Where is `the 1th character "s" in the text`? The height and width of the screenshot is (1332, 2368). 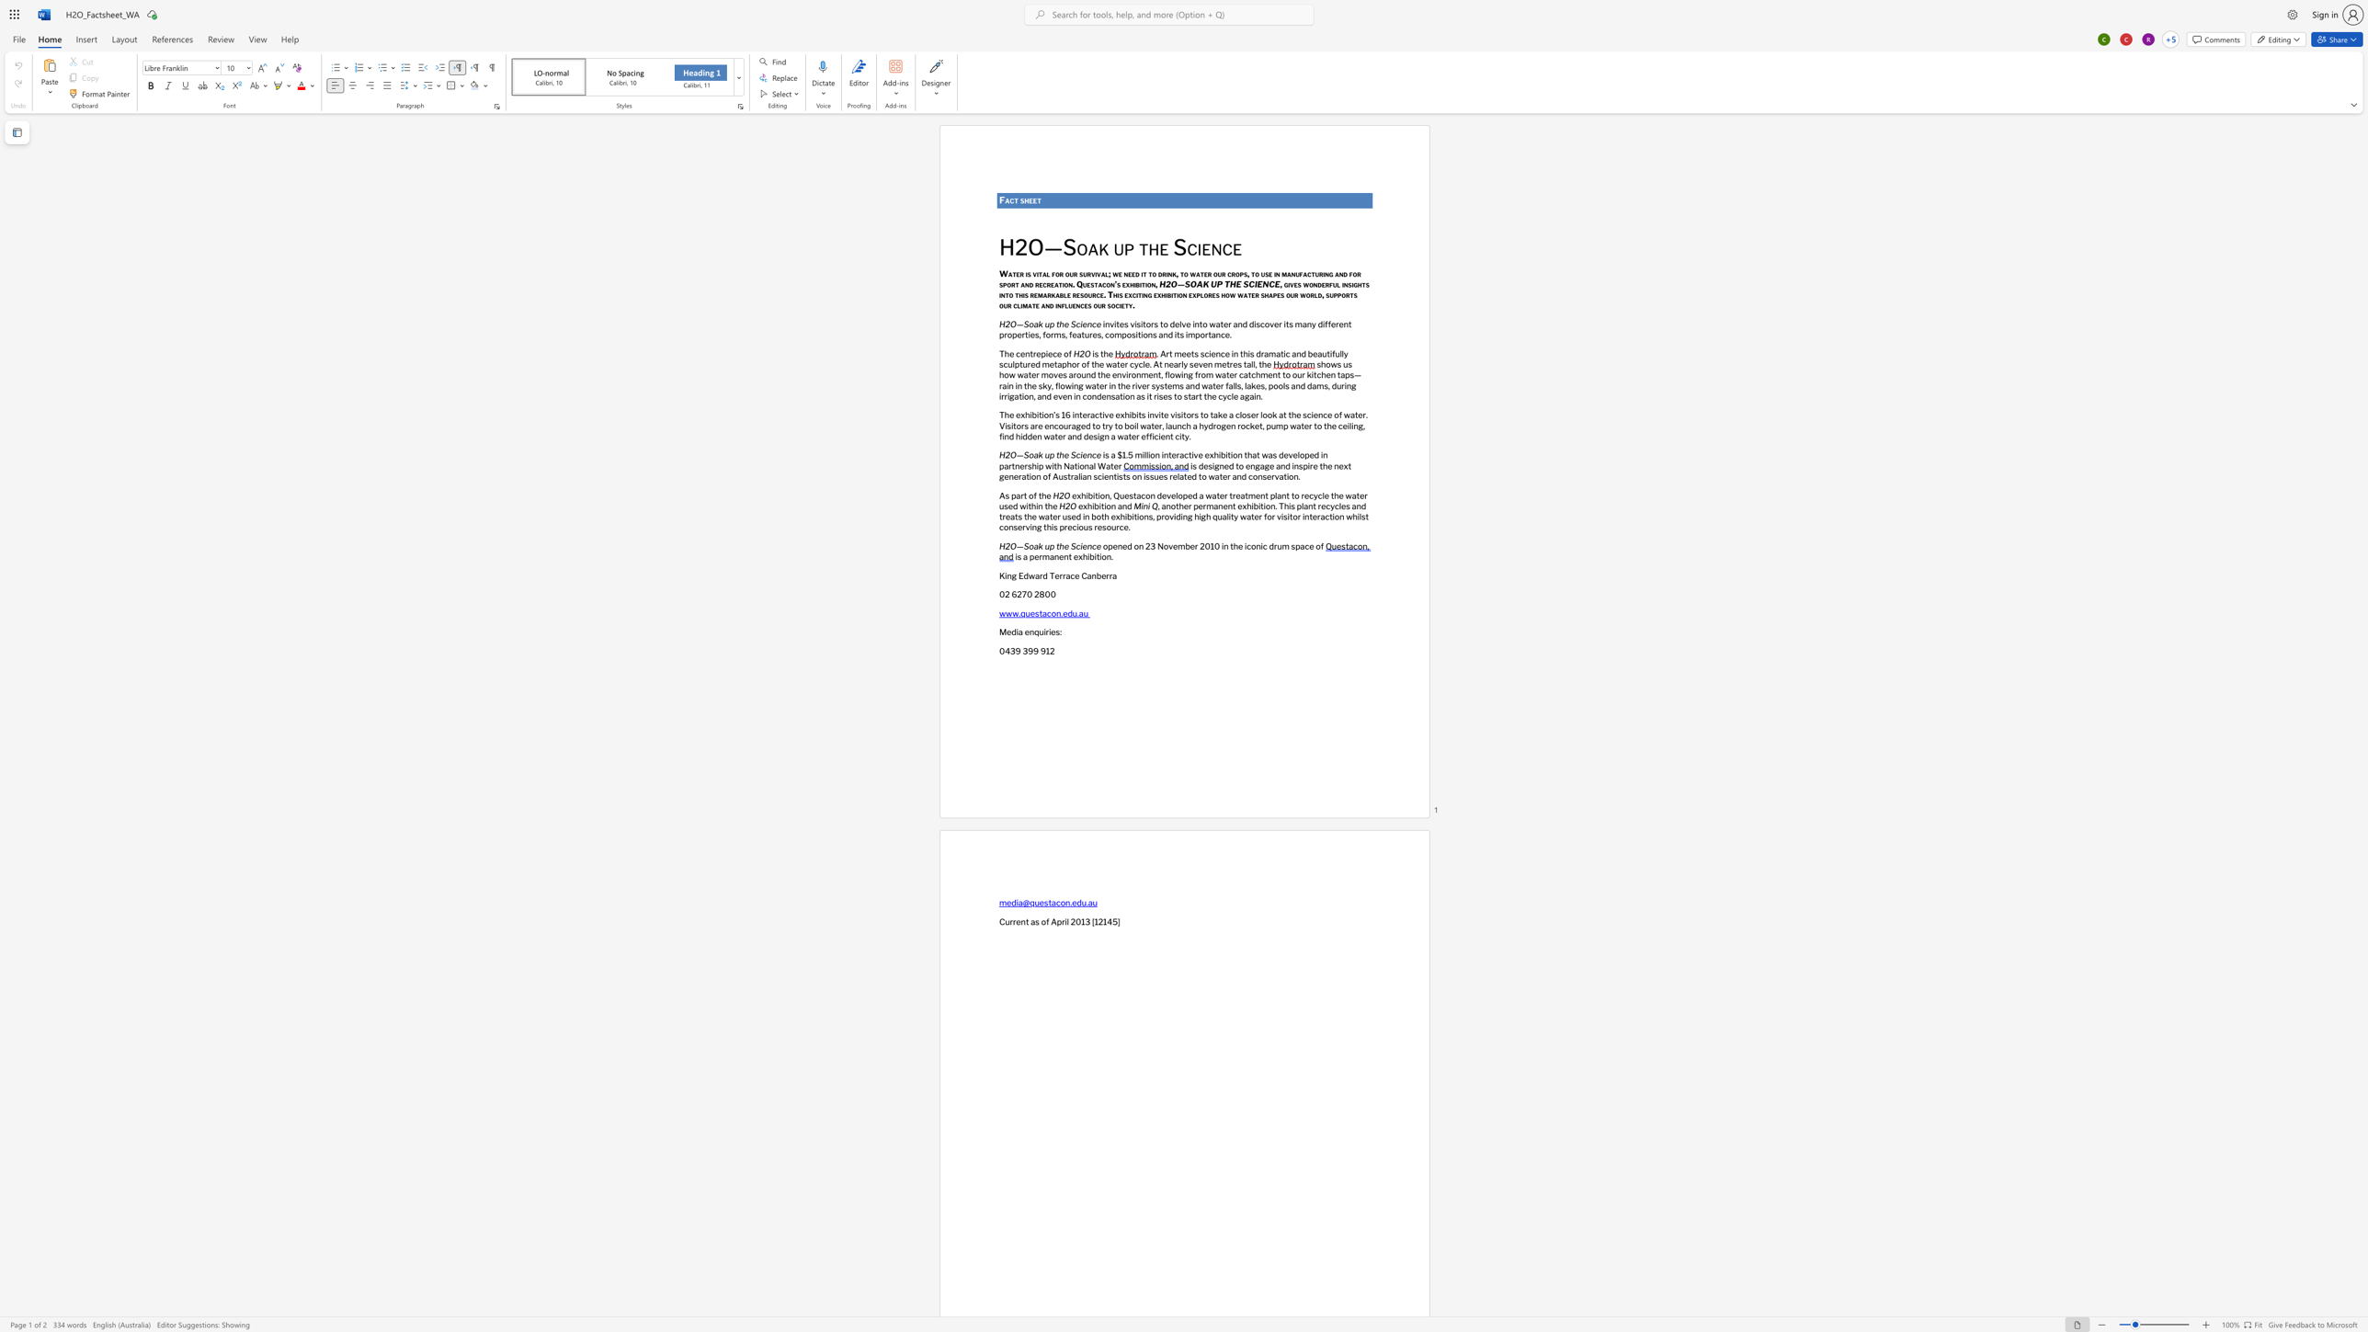
the 1th character "s" in the text is located at coordinates (1131, 495).